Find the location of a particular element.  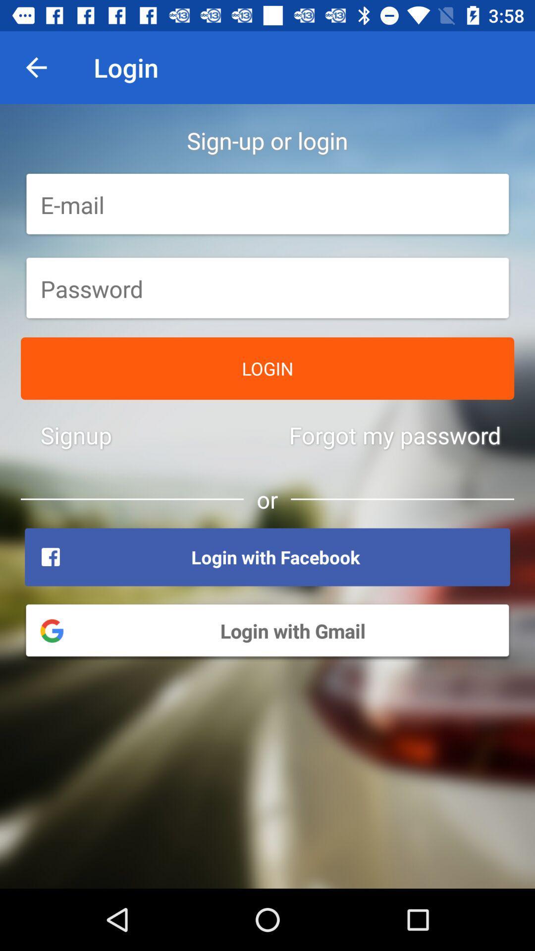

item next to the forgot my password is located at coordinates (75, 435).